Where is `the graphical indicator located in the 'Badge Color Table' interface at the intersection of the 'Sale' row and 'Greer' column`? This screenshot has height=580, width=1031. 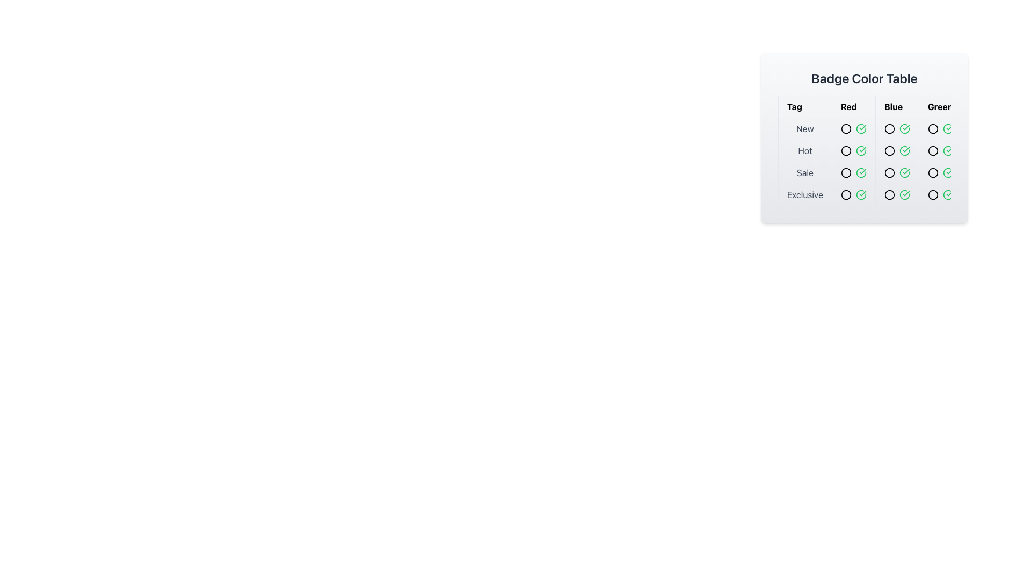
the graphical indicator located in the 'Badge Color Table' interface at the intersection of the 'Sale' row and 'Greer' column is located at coordinates (940, 172).